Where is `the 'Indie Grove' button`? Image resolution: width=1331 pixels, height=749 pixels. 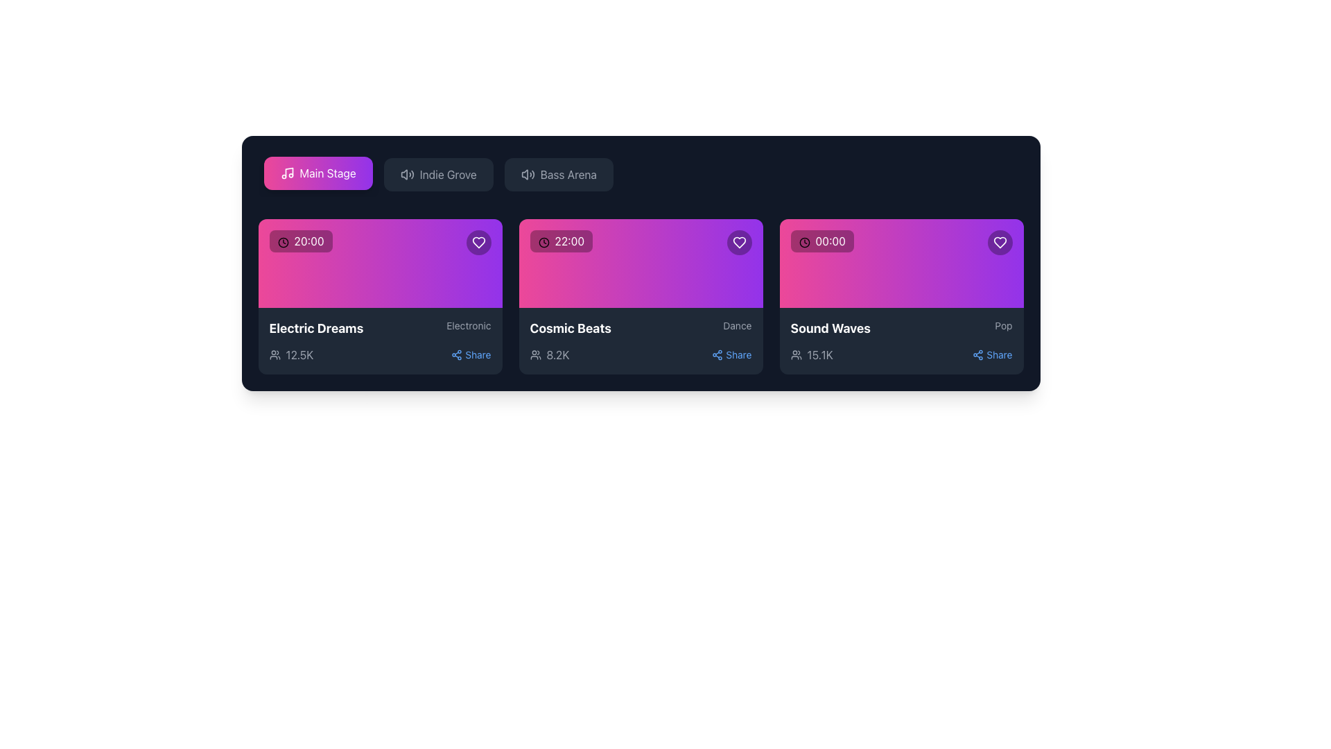
the 'Indie Grove' button is located at coordinates (437, 173).